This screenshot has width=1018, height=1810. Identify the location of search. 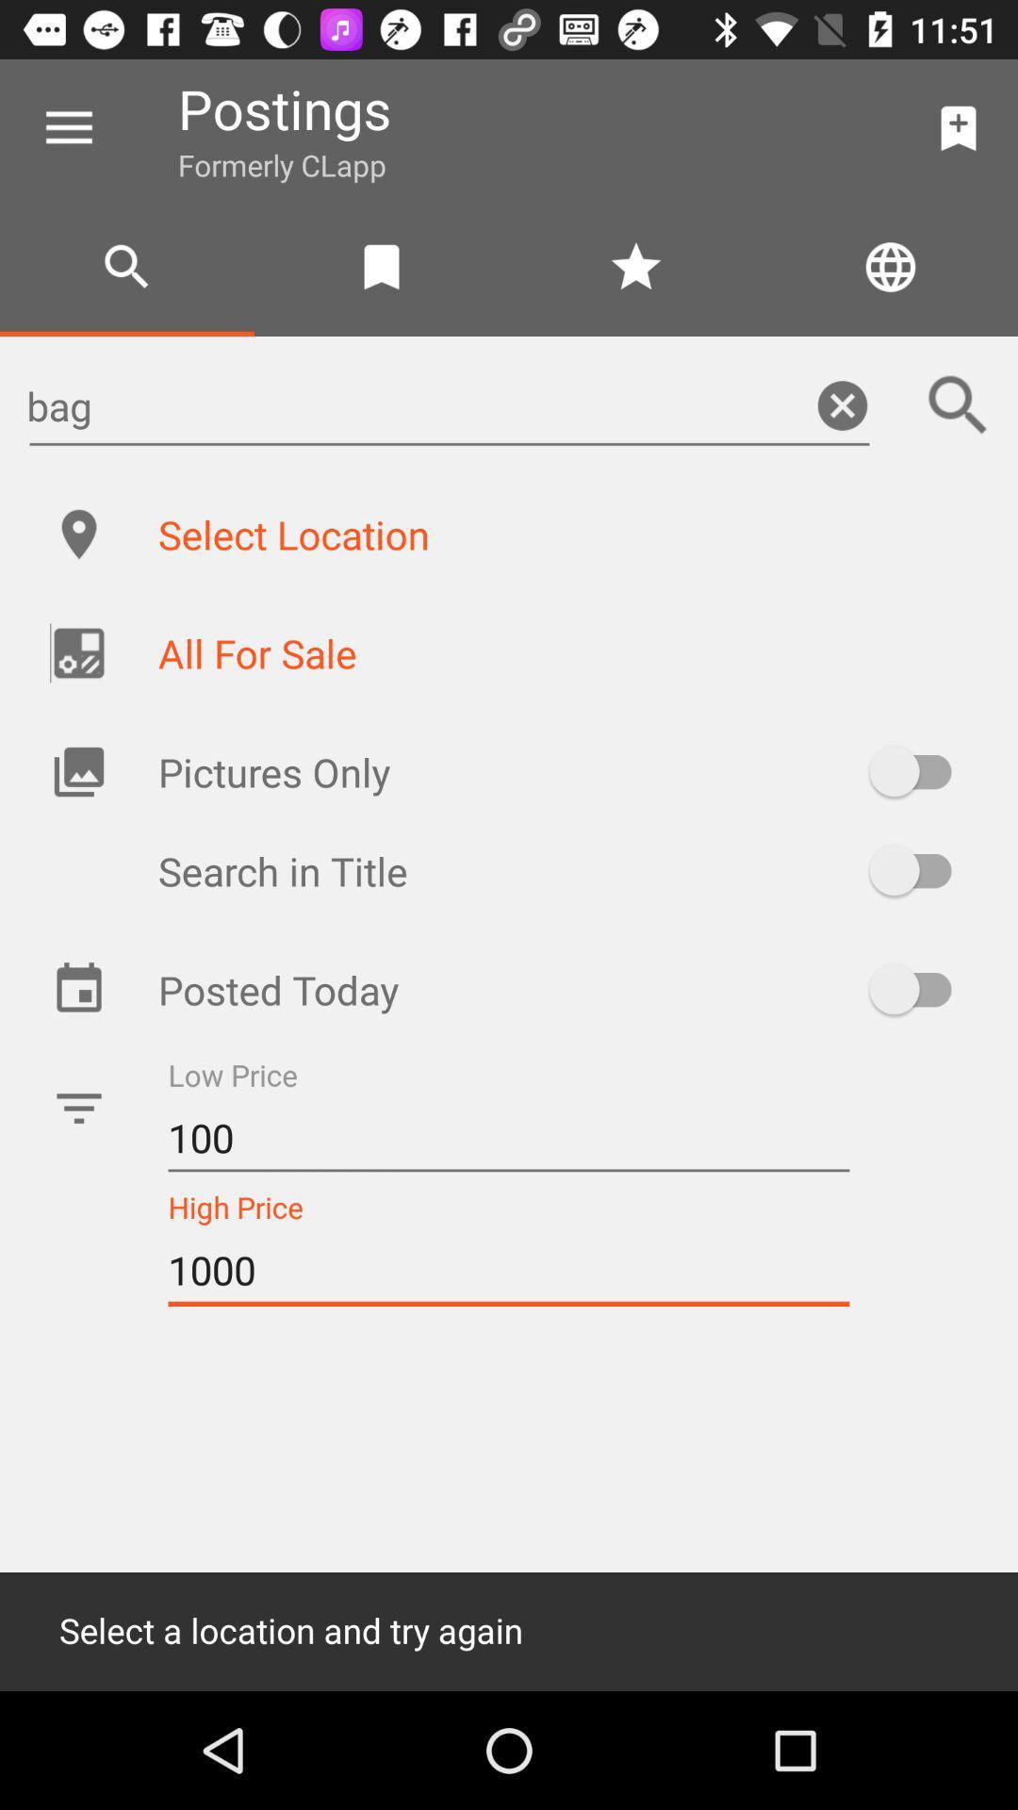
(959, 404).